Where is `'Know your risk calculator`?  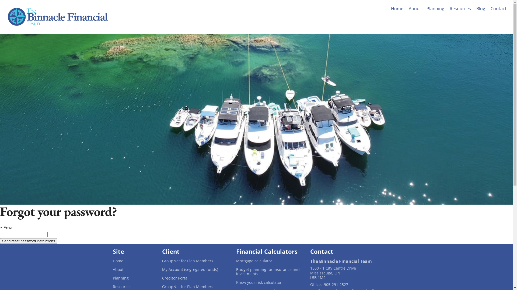
'Know your risk calculator is located at coordinates (269, 282).